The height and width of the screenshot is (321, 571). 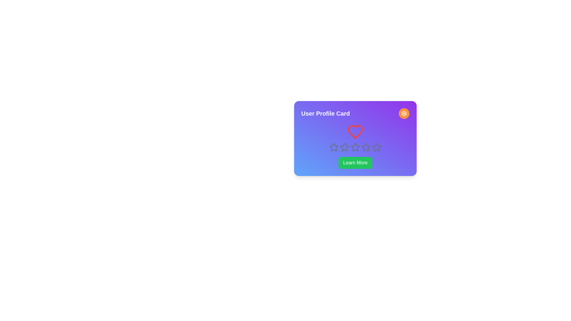 I want to click on the circular orange button with a gear-shaped icon in the top-right corner of the 'User Profile Card', so click(x=404, y=113).